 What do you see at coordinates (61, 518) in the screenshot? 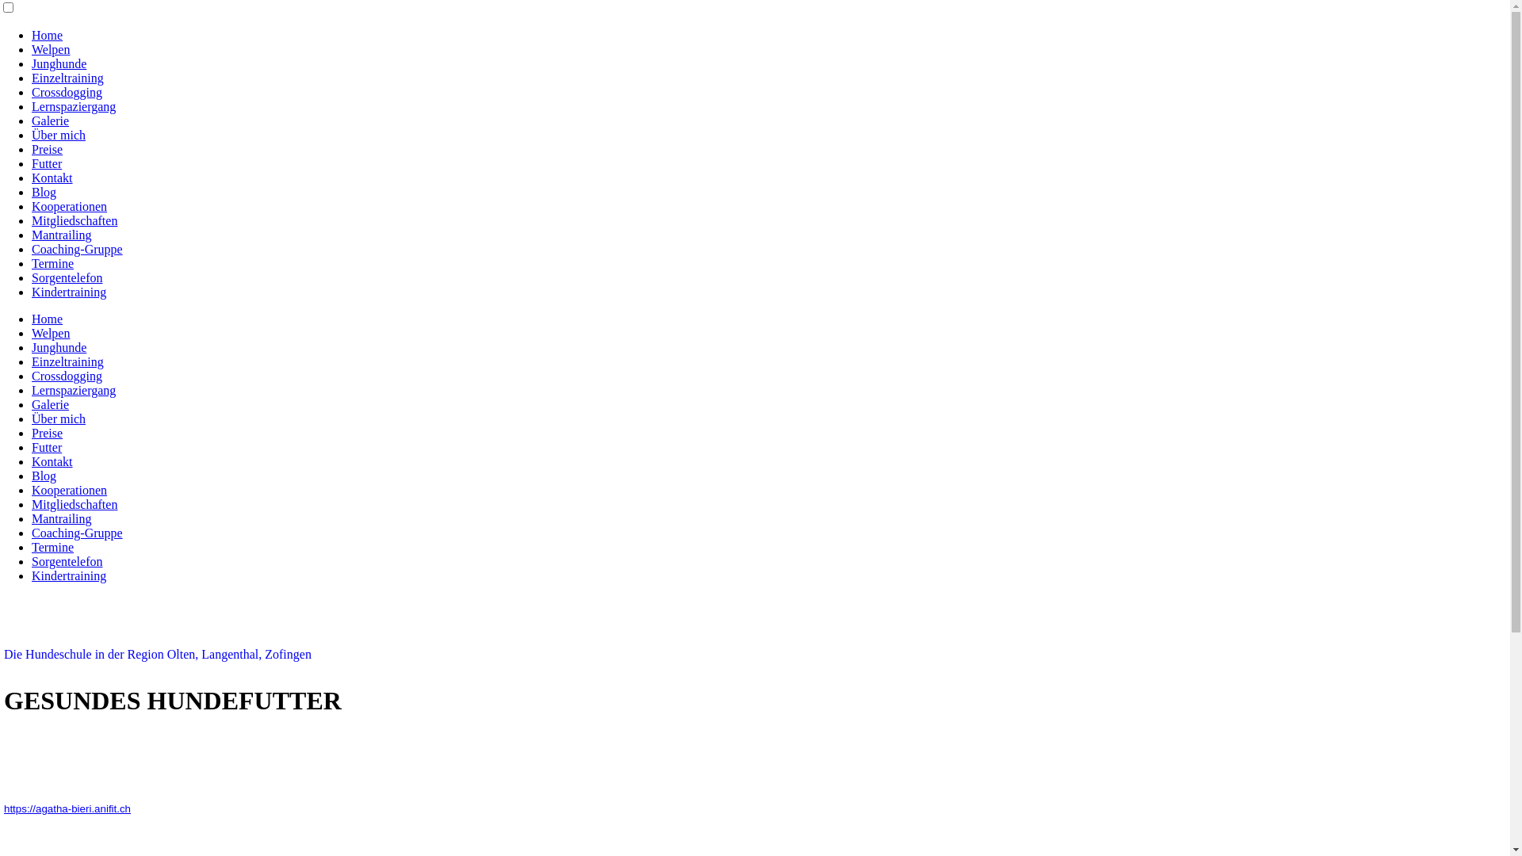
I see `'Mantrailing'` at bounding box center [61, 518].